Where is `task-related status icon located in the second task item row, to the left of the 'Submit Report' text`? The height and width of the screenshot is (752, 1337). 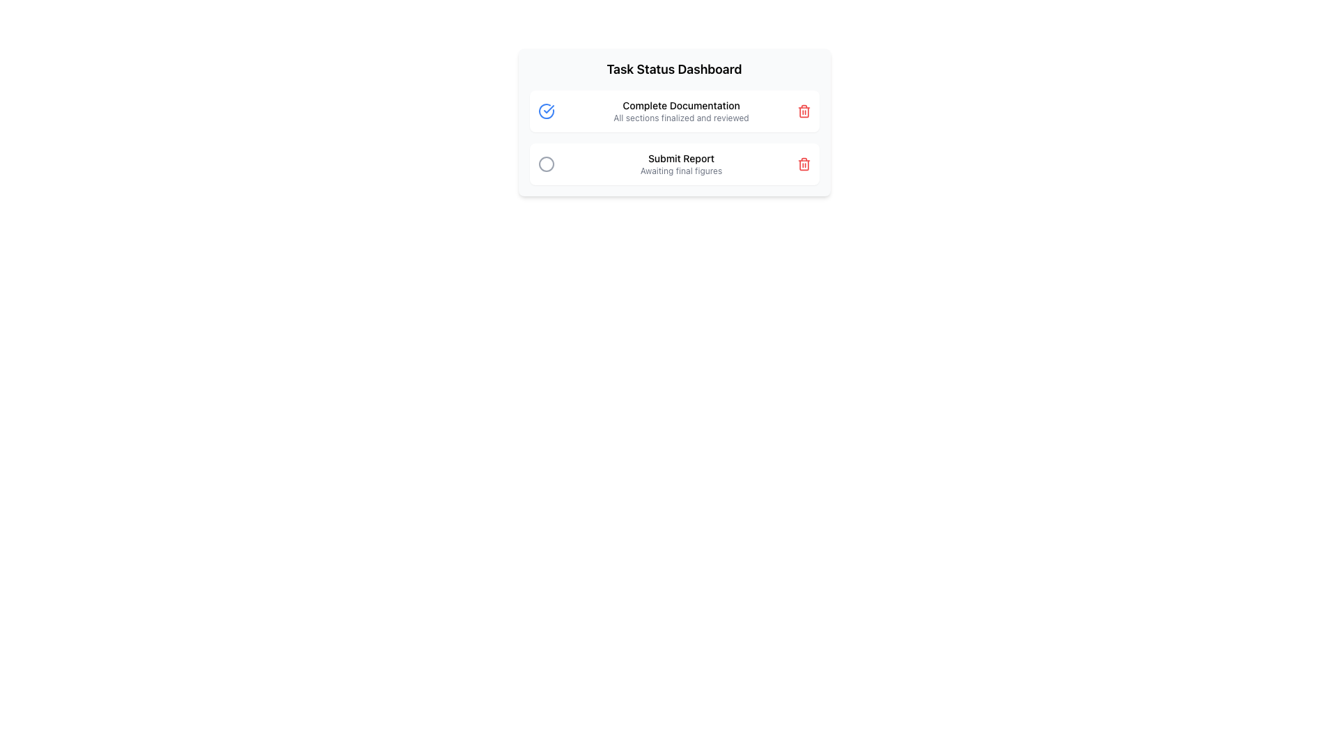 task-related status icon located in the second task item row, to the left of the 'Submit Report' text is located at coordinates (545, 163).